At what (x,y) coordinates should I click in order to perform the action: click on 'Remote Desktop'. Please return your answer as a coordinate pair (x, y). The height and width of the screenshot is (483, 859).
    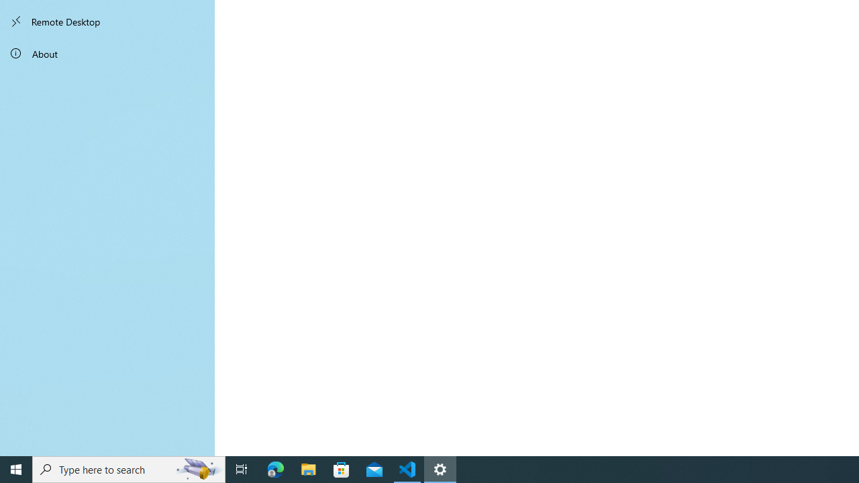
    Looking at the image, I should click on (107, 21).